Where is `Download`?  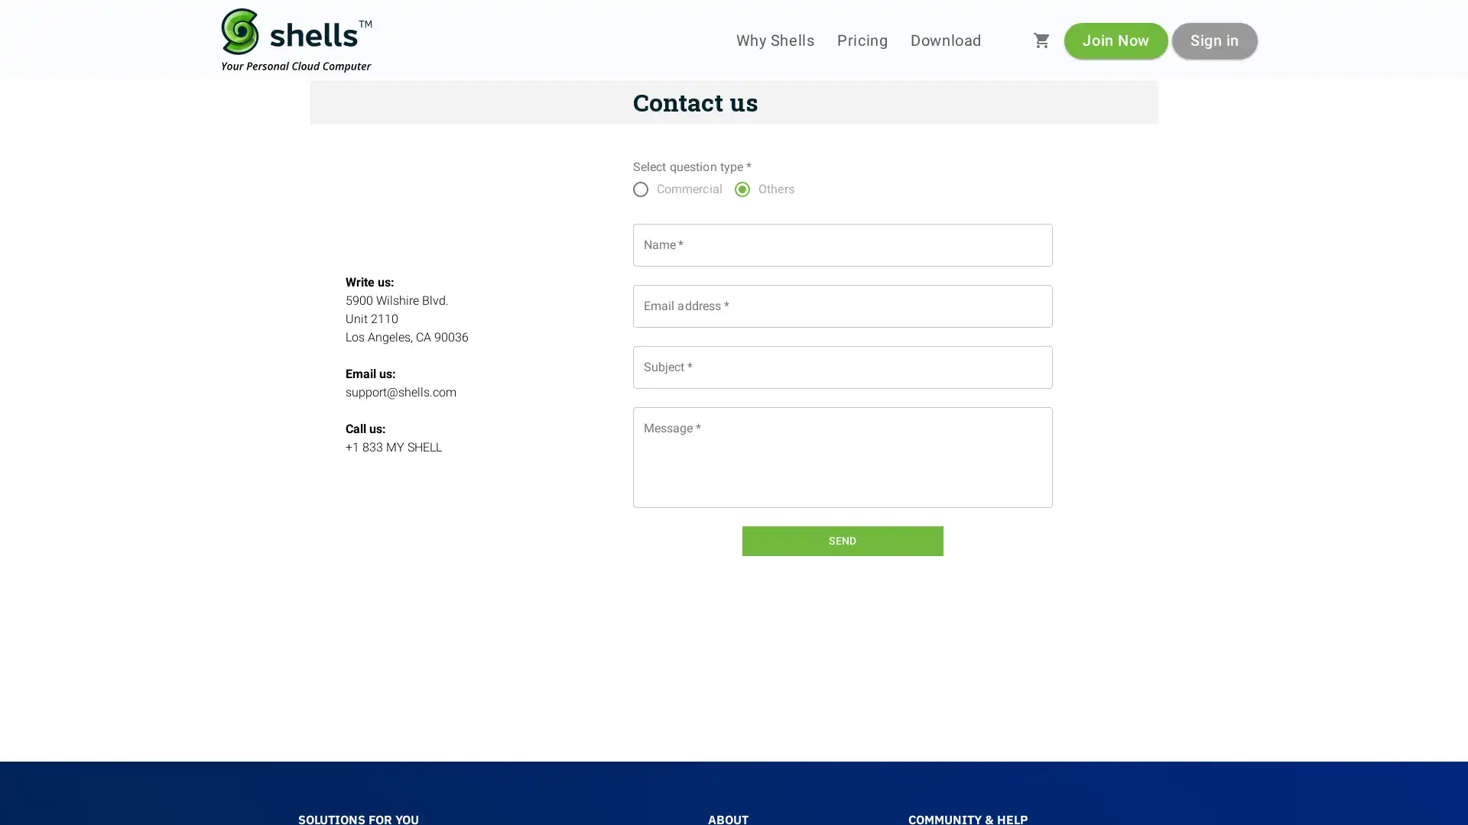 Download is located at coordinates (945, 40).